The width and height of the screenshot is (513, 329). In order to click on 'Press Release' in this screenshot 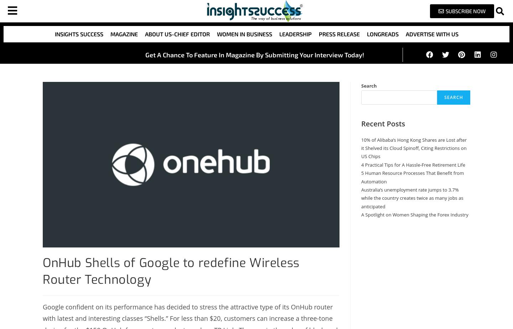, I will do `click(339, 34)`.